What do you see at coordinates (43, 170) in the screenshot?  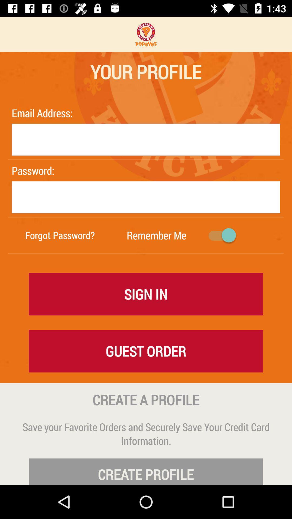 I see `the password:` at bounding box center [43, 170].